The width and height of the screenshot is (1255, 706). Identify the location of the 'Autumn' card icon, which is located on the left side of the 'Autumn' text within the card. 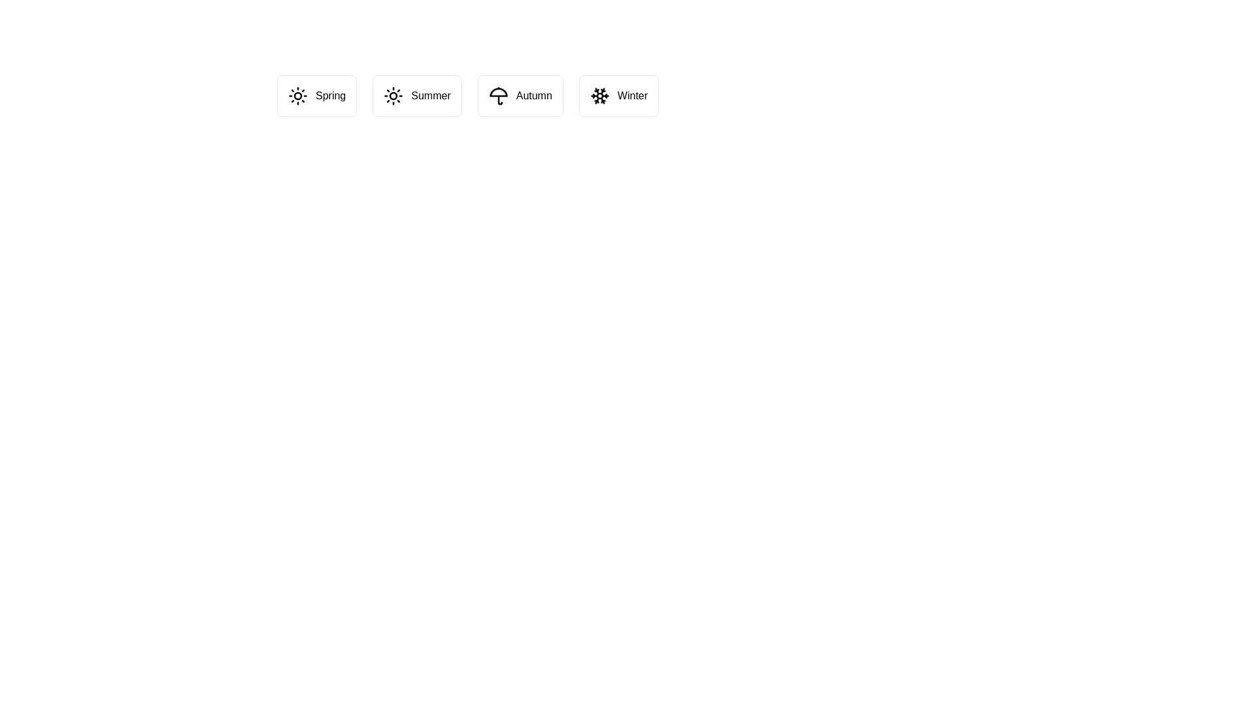
(497, 95).